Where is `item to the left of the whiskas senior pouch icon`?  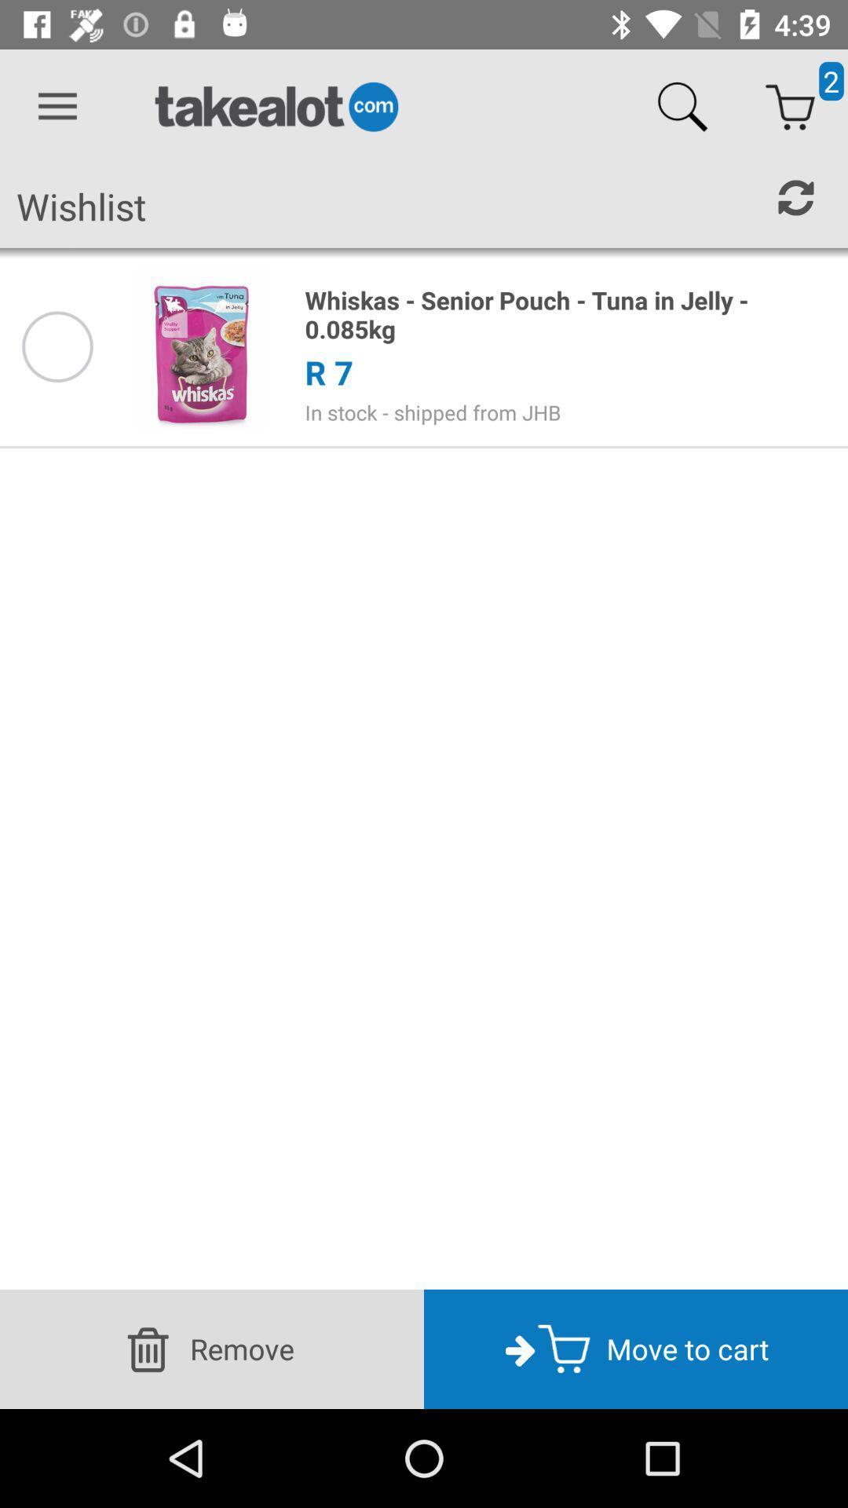 item to the left of the whiskas senior pouch icon is located at coordinates (201, 346).